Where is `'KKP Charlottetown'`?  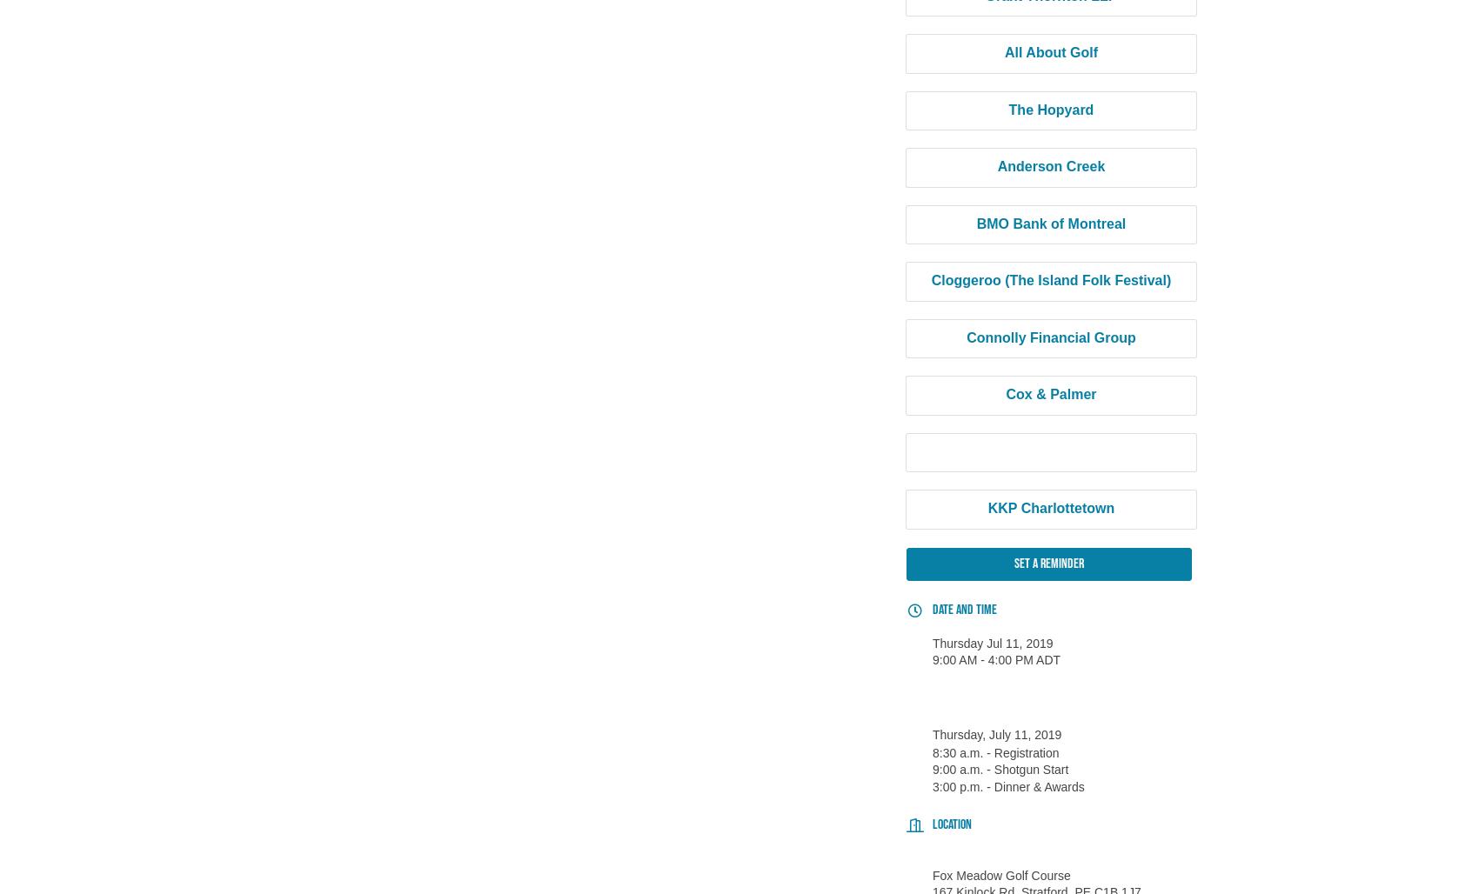 'KKP Charlottetown' is located at coordinates (1050, 507).